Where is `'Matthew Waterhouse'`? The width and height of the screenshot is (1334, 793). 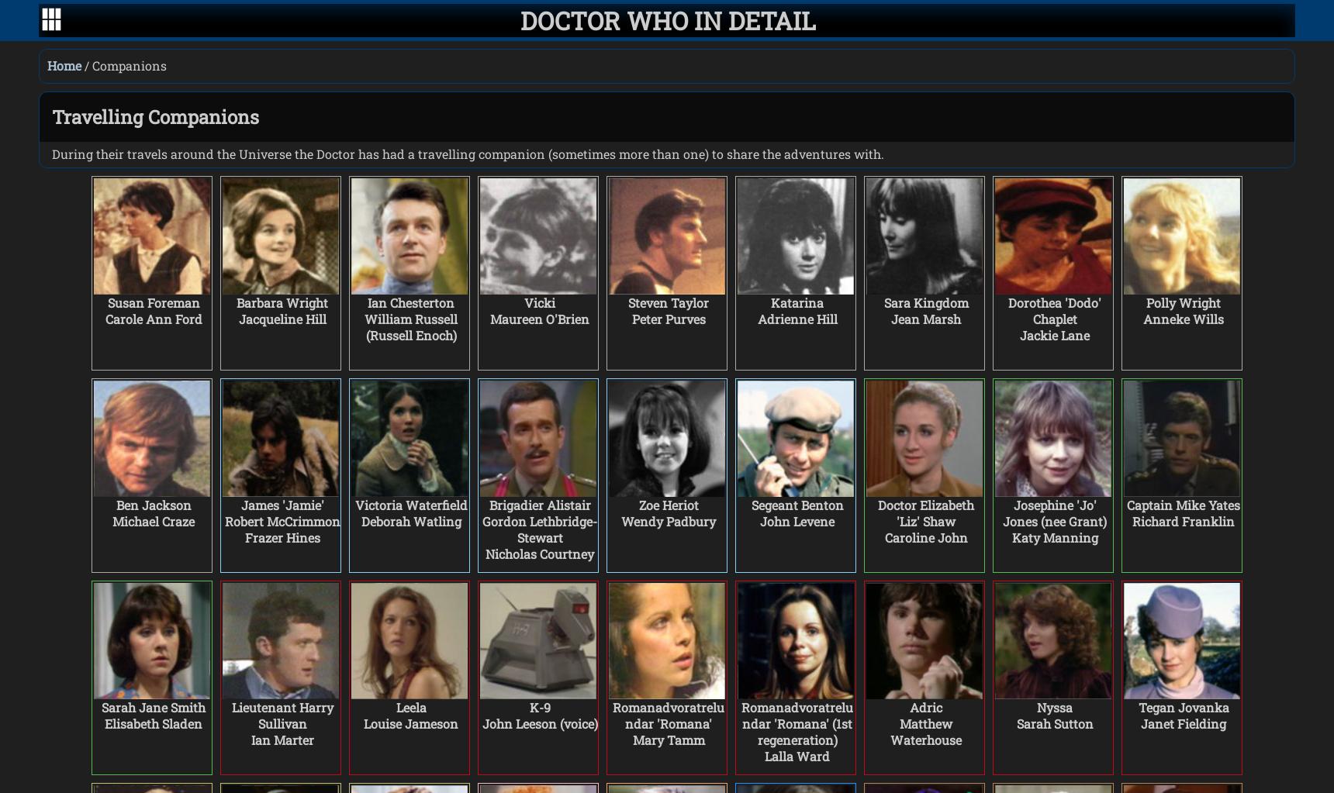
'Matthew Waterhouse' is located at coordinates (925, 731).